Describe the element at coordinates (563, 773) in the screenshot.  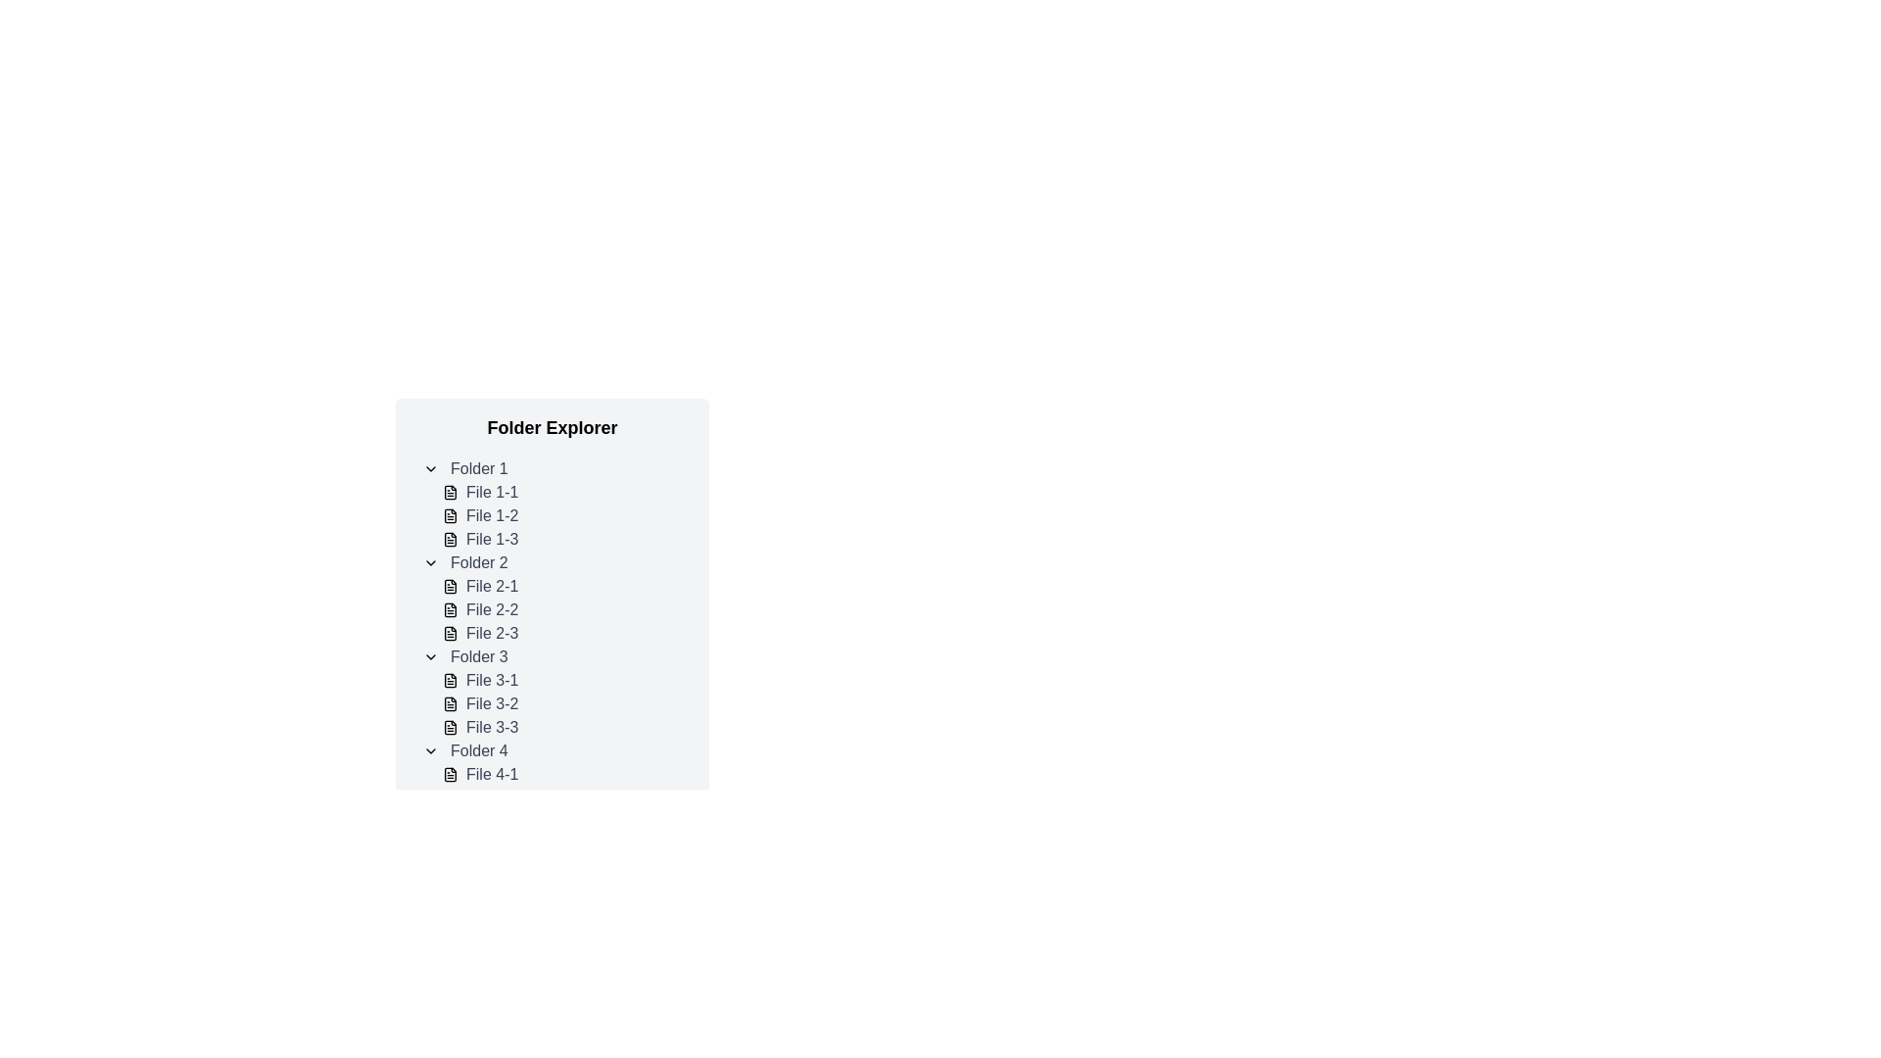
I see `the selectable file entry named 'File 4-1' in the list of files under 'Folder 4'` at that location.